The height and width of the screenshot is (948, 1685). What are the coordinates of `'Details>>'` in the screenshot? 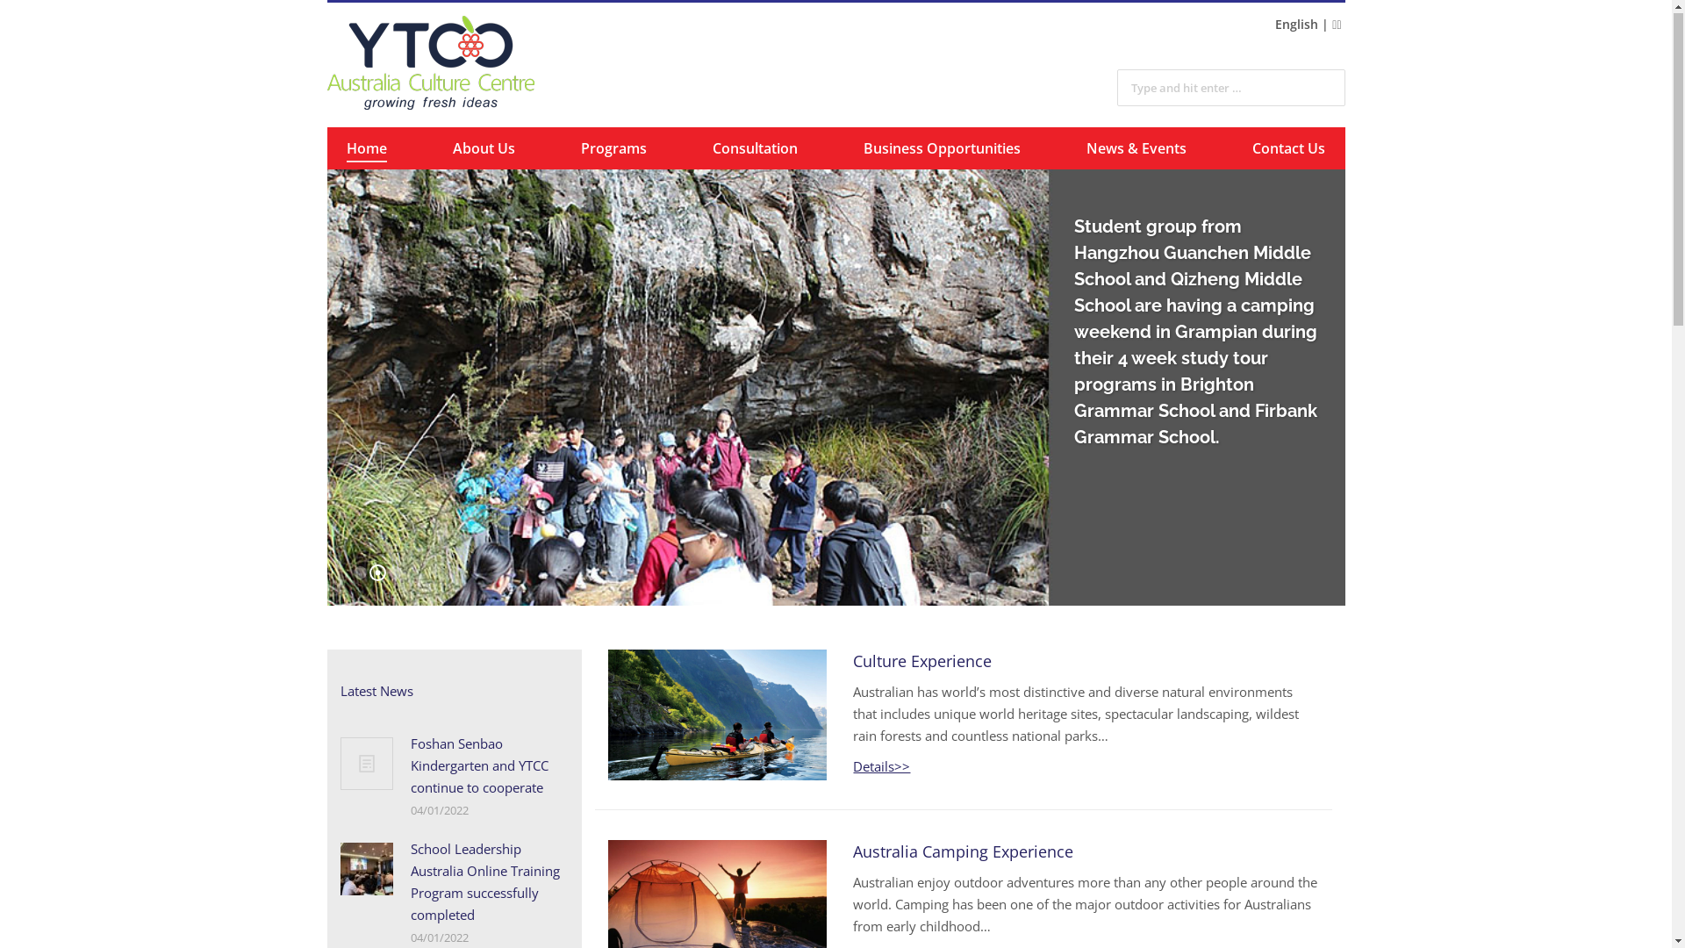 It's located at (881, 767).